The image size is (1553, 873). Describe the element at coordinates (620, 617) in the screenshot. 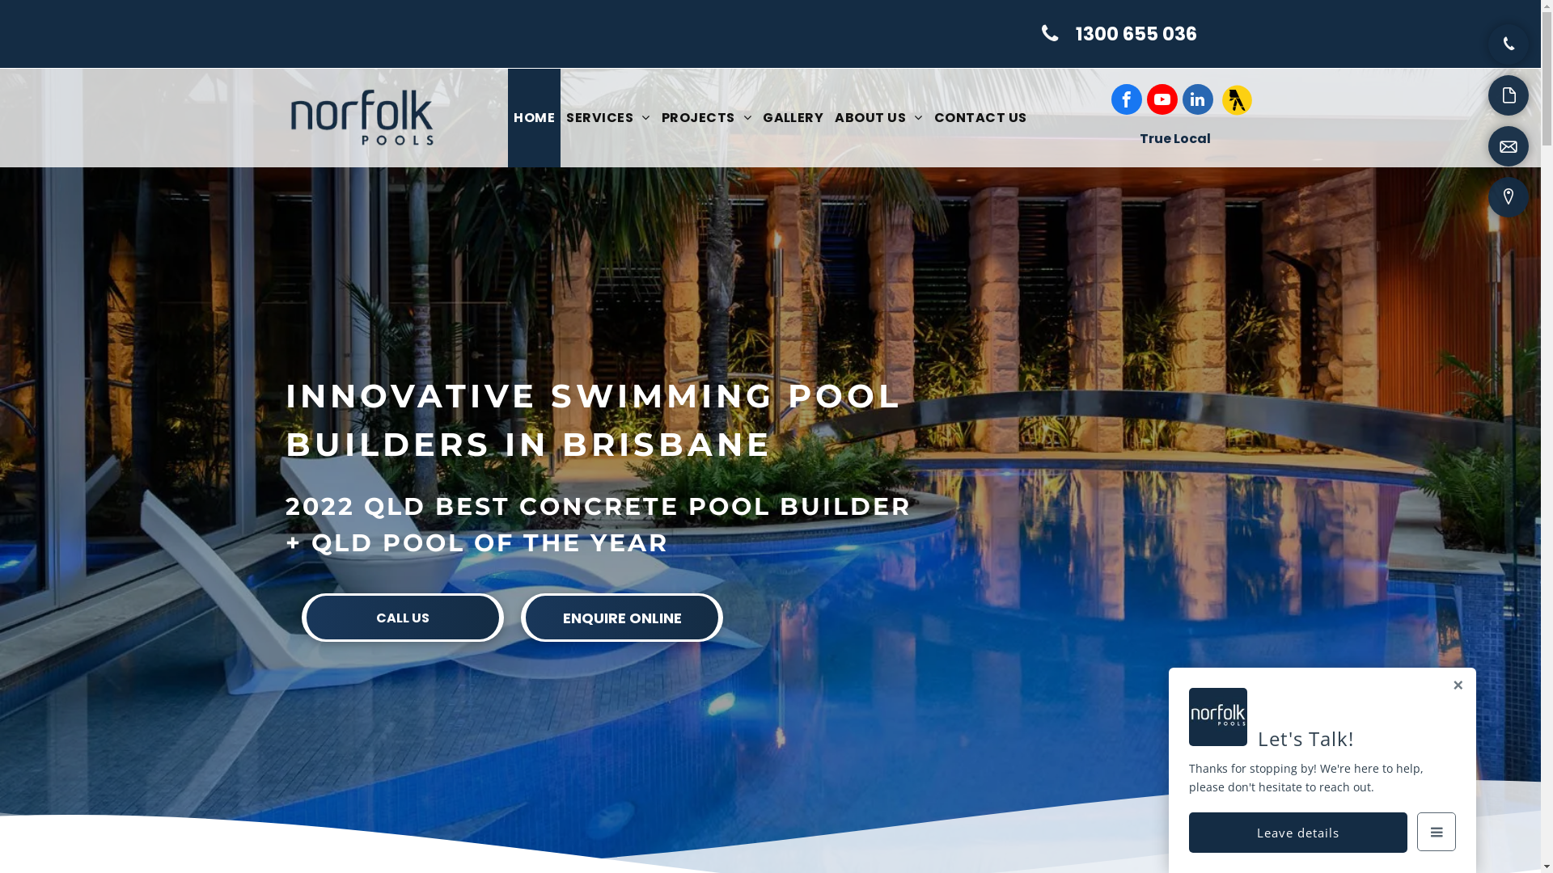

I see `'ENQUIRE ONLINE'` at that location.